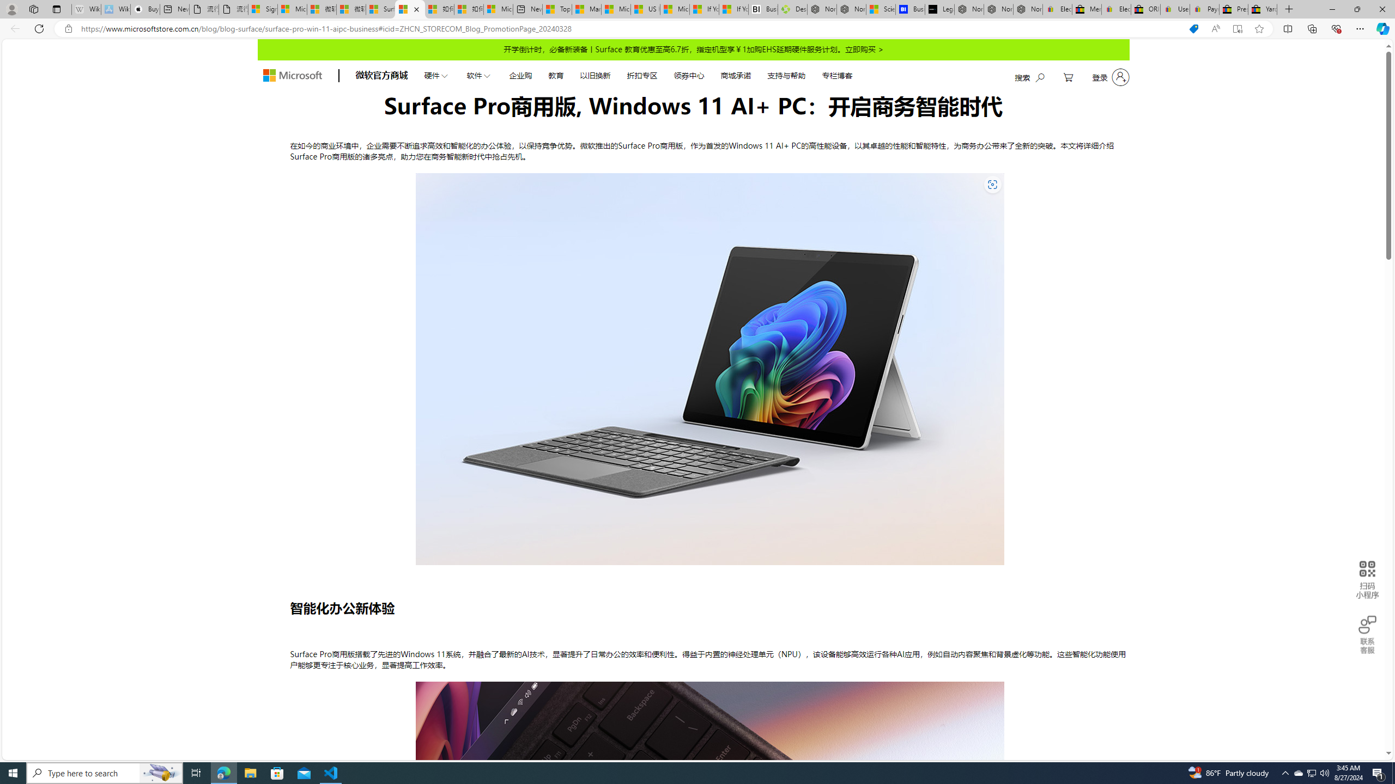 The height and width of the screenshot is (784, 1395). Describe the element at coordinates (144, 9) in the screenshot. I see `'Buy iPad - Apple'` at that location.